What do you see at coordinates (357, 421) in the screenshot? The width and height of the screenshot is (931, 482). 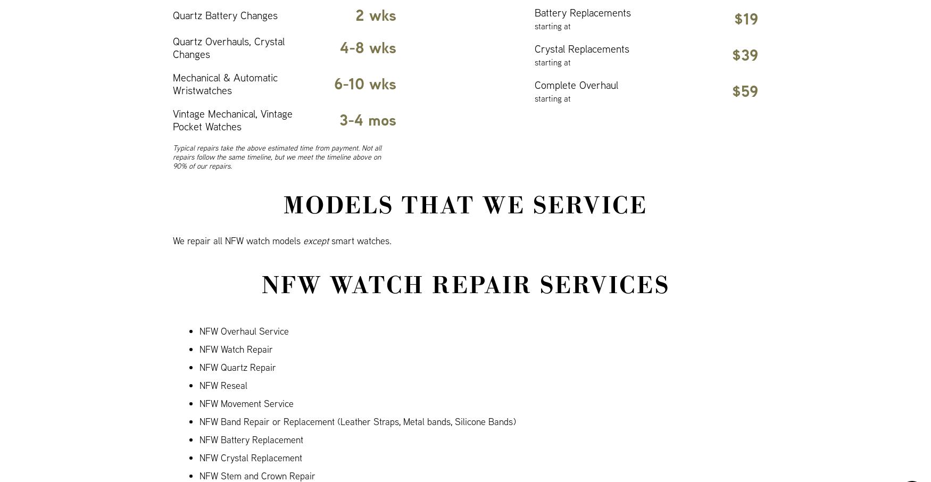 I see `'NFW Band Repair or Replacement (Leather Straps, Metal bands, Silicone Bands)'` at bounding box center [357, 421].